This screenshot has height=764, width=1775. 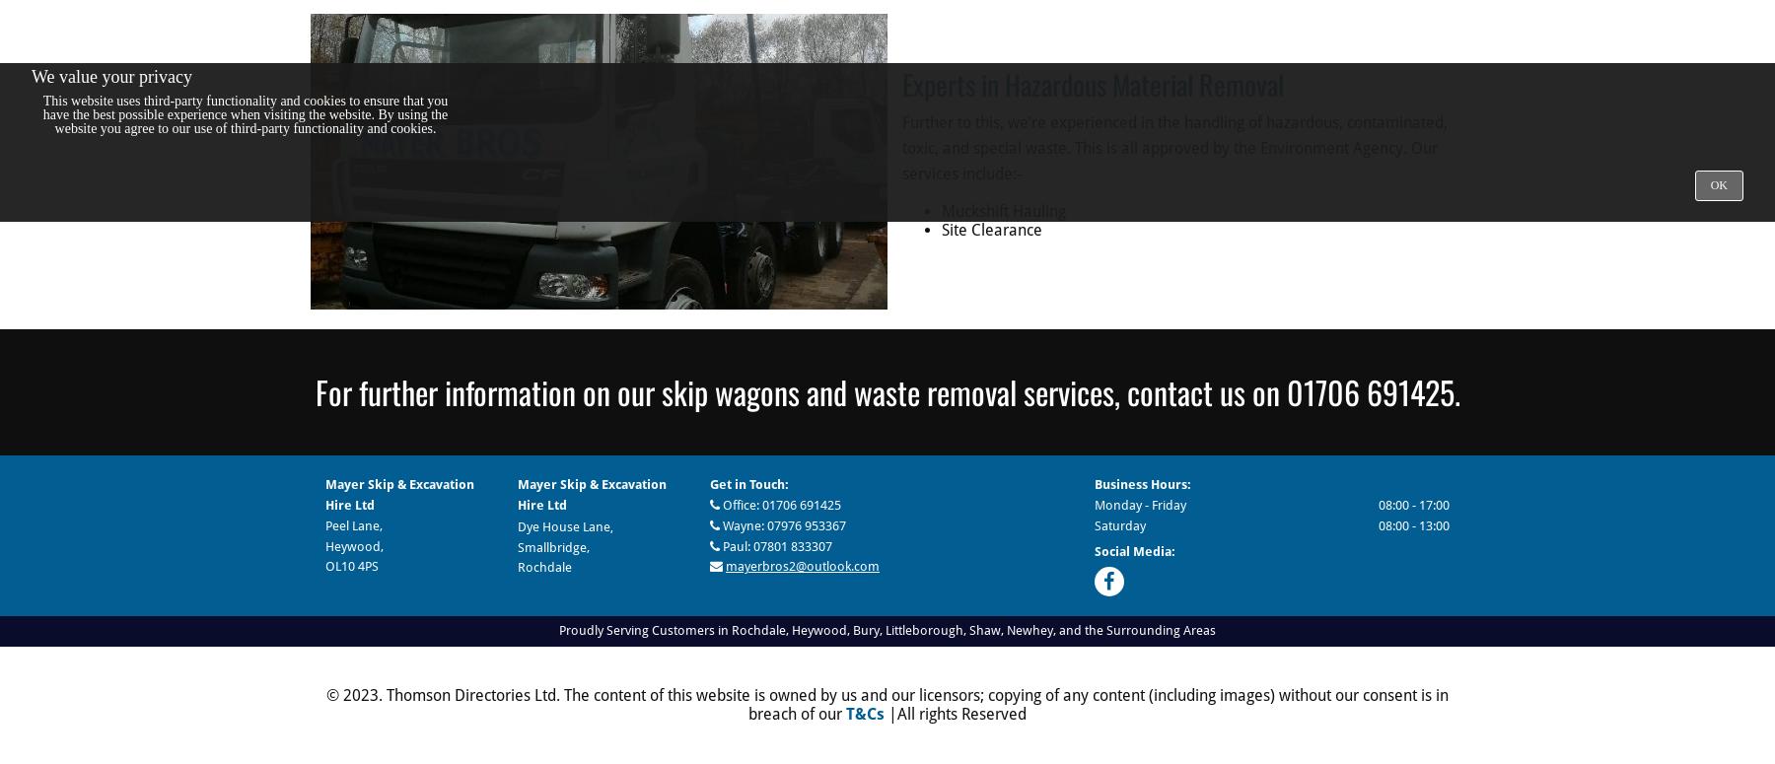 What do you see at coordinates (887, 705) in the screenshot?
I see `'© 2023. Thomson Directories Ltd. The content of this website is owned by us and our licensors; copying of any content (including images) without our consent is in breach of our'` at bounding box center [887, 705].